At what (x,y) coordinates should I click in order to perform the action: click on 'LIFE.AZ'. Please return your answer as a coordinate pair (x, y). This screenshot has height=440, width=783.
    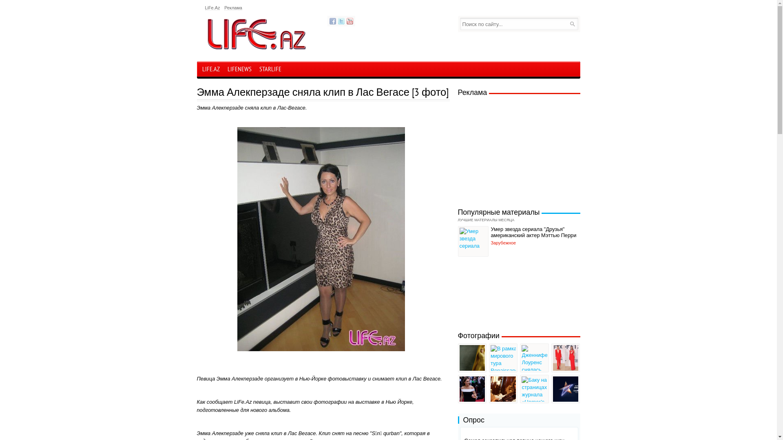
    Looking at the image, I should click on (210, 68).